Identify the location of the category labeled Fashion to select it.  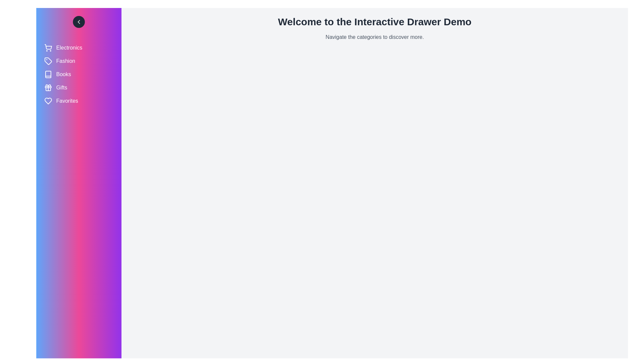
(79, 61).